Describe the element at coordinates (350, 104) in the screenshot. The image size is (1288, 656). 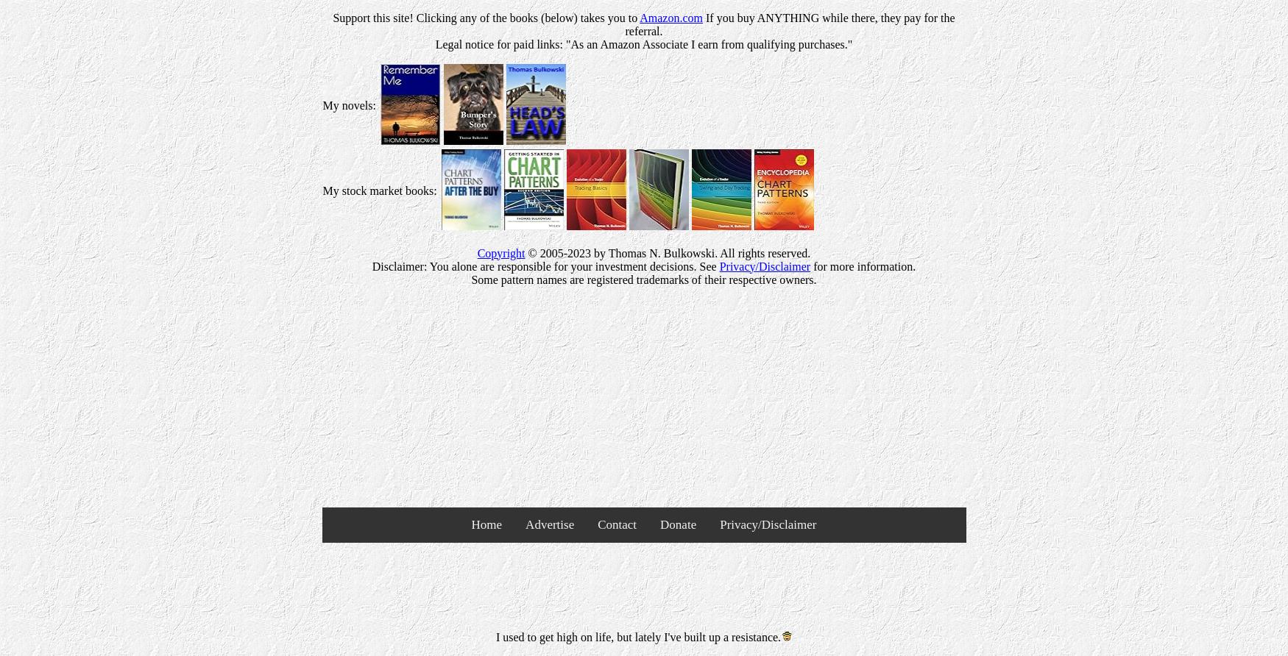
I see `'My novels:'` at that location.